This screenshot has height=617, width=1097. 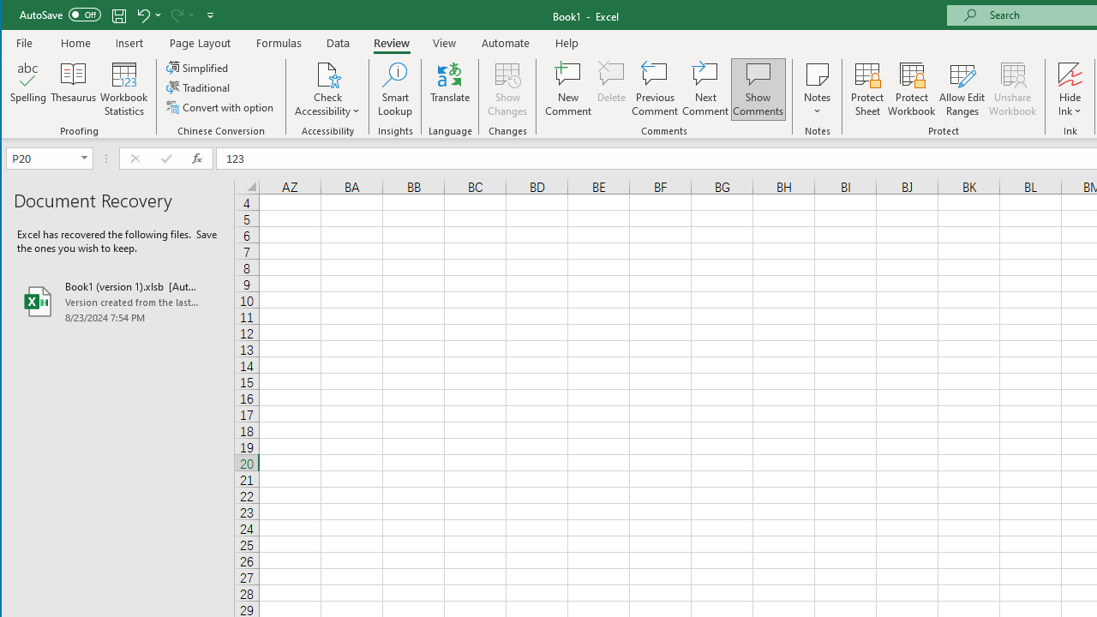 What do you see at coordinates (73, 89) in the screenshot?
I see `'Thesaurus...'` at bounding box center [73, 89].